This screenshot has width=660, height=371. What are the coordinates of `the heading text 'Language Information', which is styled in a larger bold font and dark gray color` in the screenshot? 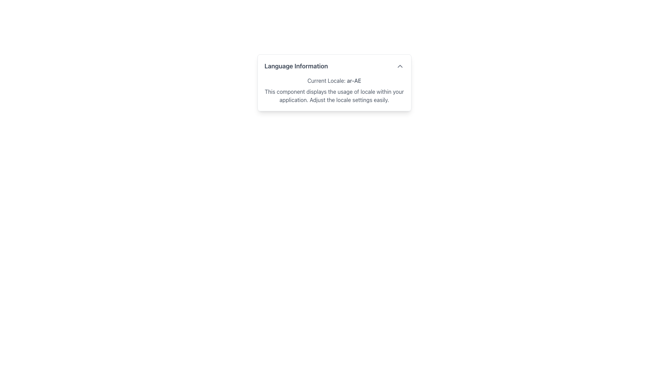 It's located at (296, 66).